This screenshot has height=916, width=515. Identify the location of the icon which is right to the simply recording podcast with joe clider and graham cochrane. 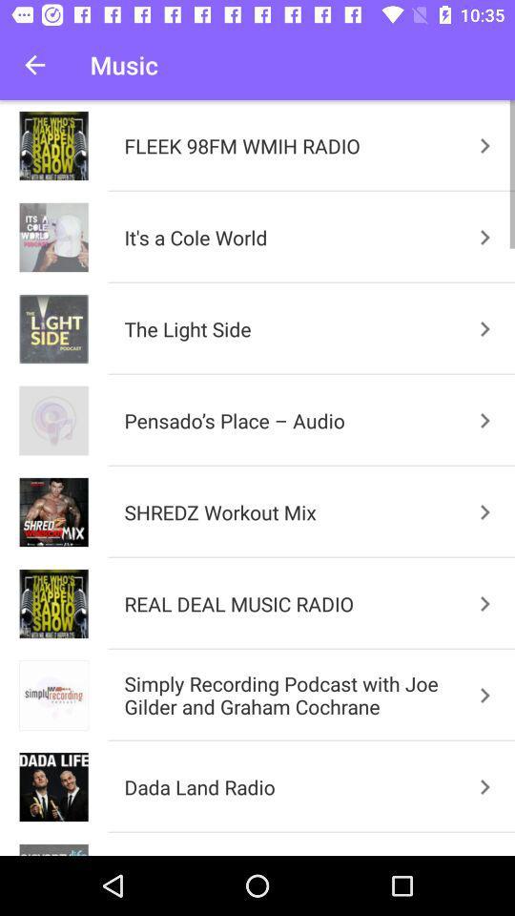
(485, 695).